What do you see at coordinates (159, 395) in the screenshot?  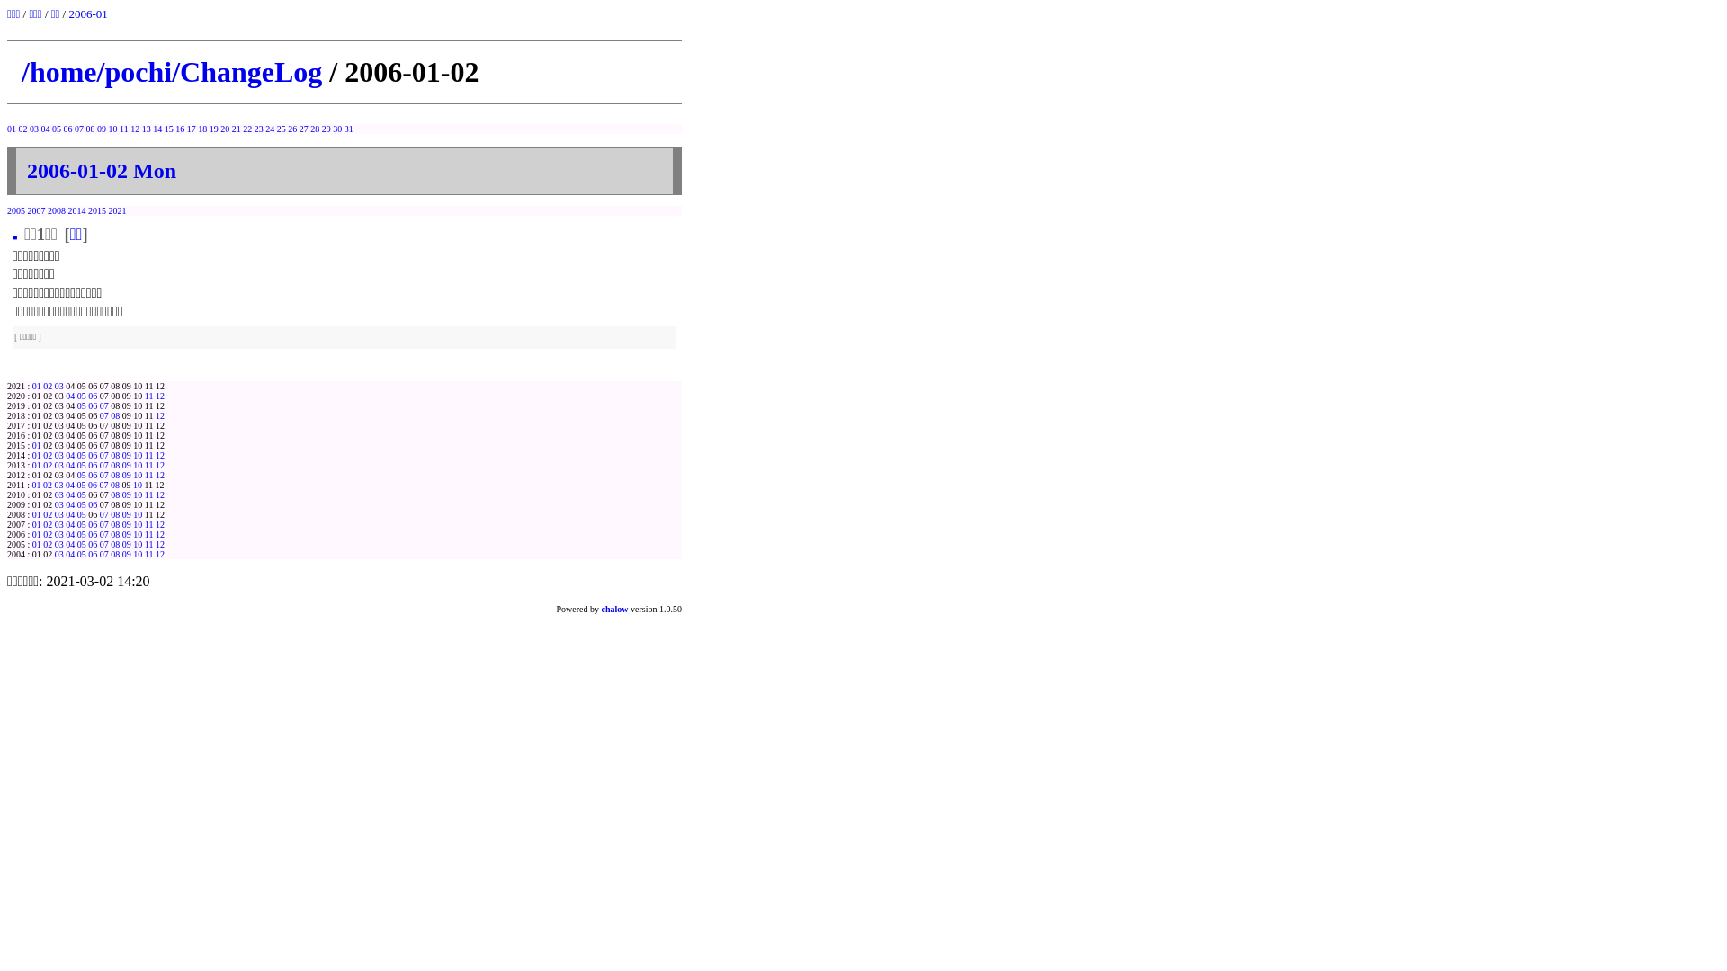 I see `'12'` at bounding box center [159, 395].